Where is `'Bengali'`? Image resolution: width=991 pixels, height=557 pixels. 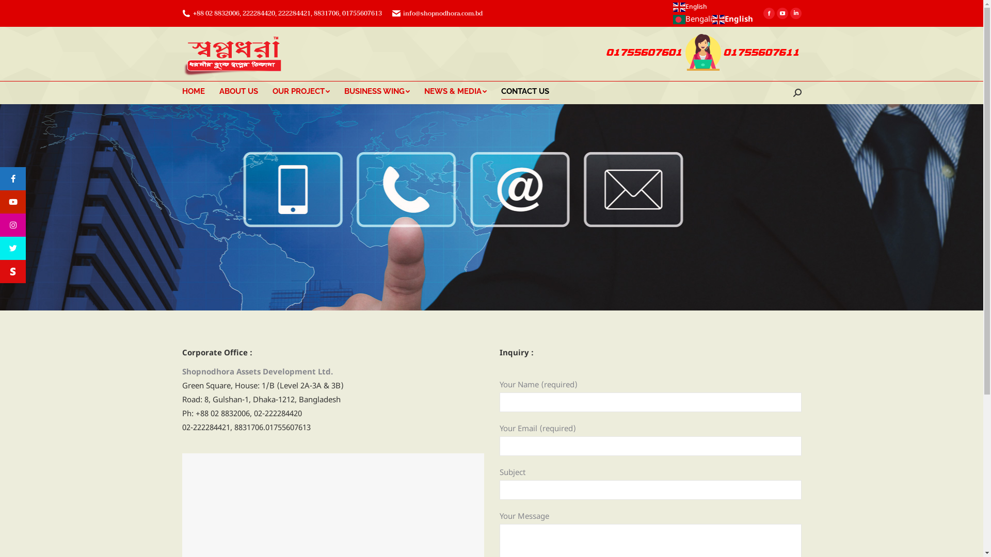
'Bengali' is located at coordinates (693, 20).